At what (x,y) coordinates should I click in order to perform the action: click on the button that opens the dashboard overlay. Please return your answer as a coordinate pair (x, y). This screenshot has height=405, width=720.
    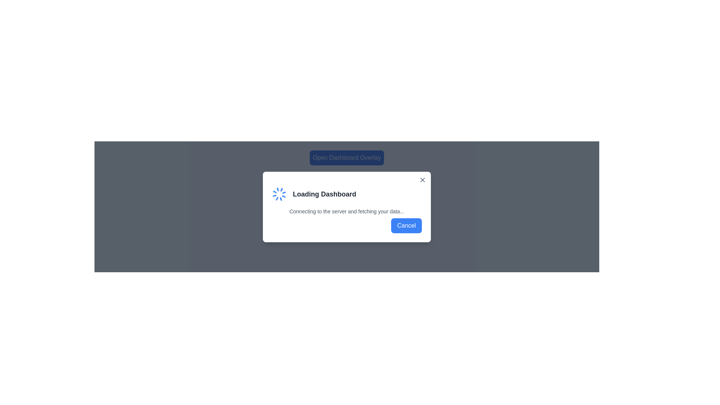
    Looking at the image, I should click on (346, 157).